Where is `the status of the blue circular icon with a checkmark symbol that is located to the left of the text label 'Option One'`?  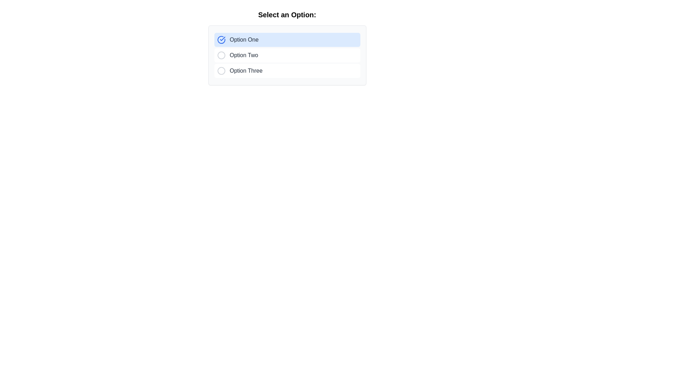
the status of the blue circular icon with a checkmark symbol that is located to the left of the text label 'Option One' is located at coordinates (221, 40).